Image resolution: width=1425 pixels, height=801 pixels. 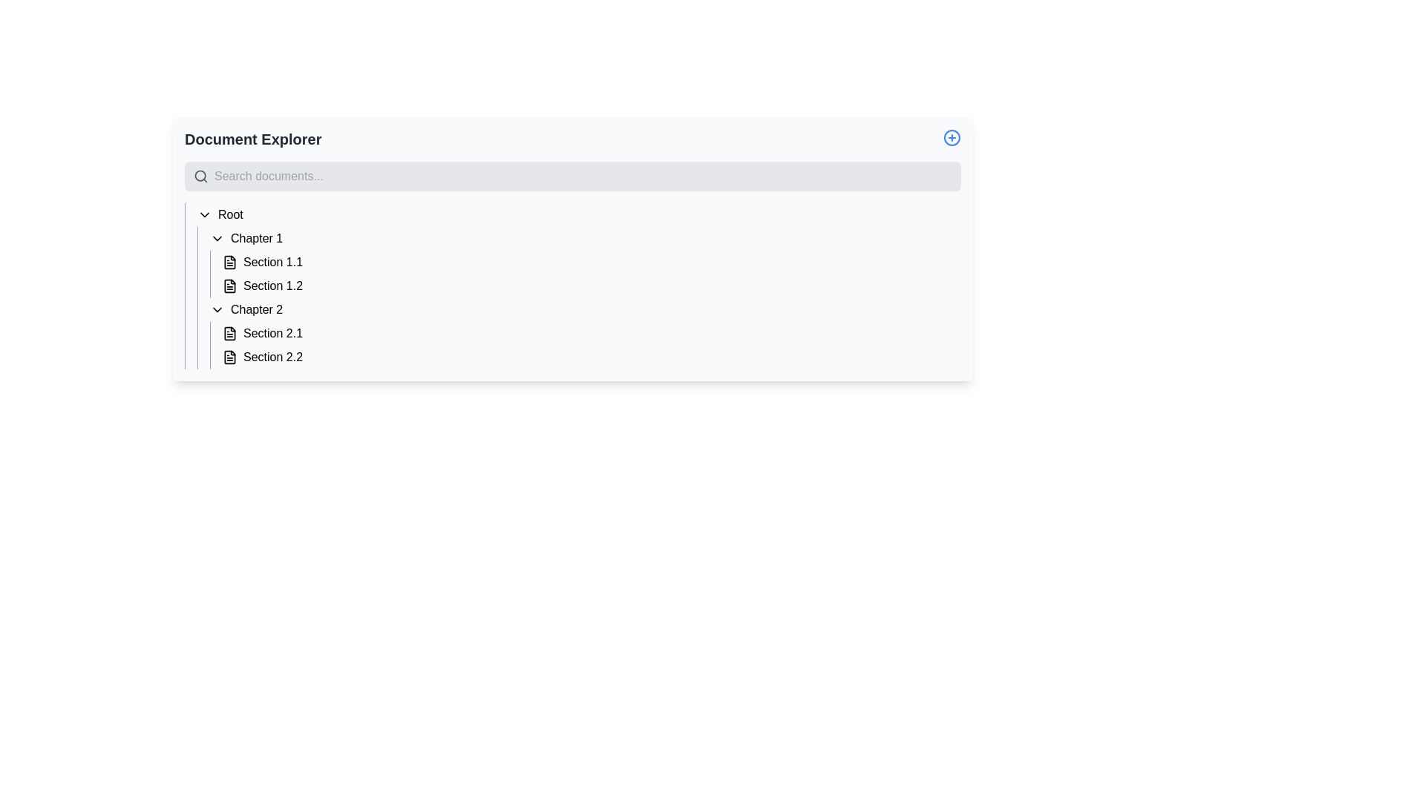 I want to click on the chevron icon located to the left of the 'Chapter 2' text label, so click(x=216, y=309).